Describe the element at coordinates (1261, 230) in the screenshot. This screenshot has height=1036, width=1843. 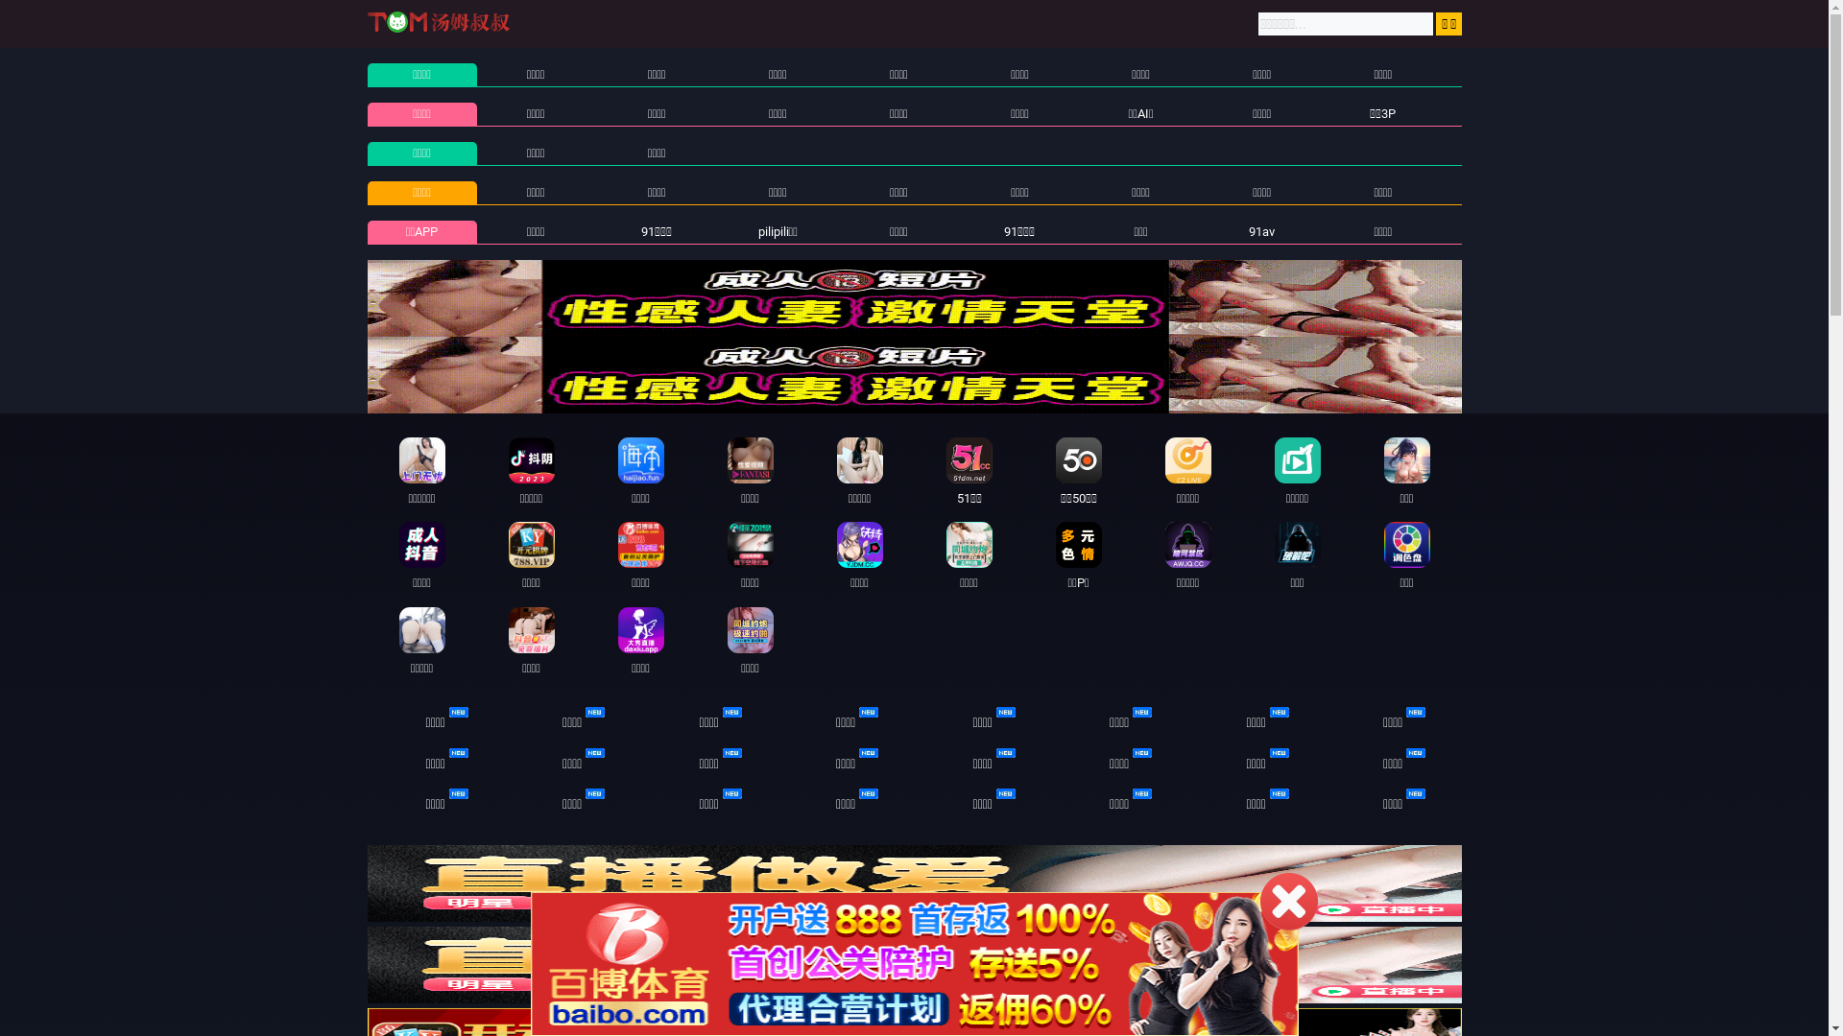
I see `'91av'` at that location.